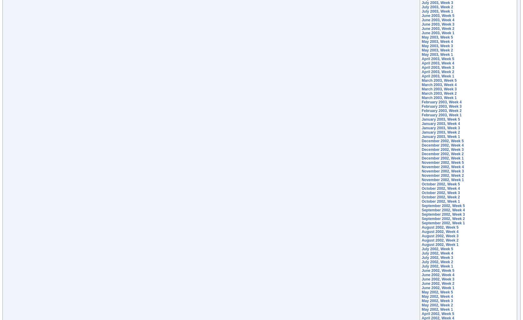  I want to click on 'May 2002, Week 4', so click(421, 296).